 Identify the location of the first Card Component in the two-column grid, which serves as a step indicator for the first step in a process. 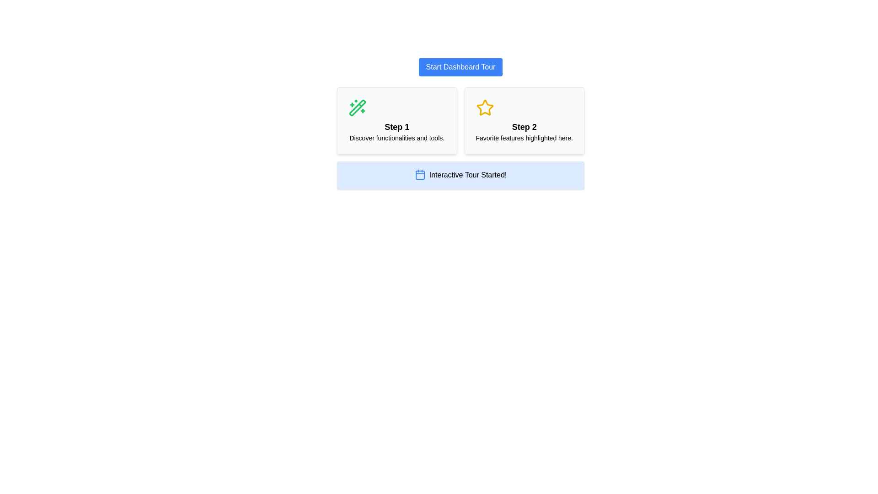
(397, 120).